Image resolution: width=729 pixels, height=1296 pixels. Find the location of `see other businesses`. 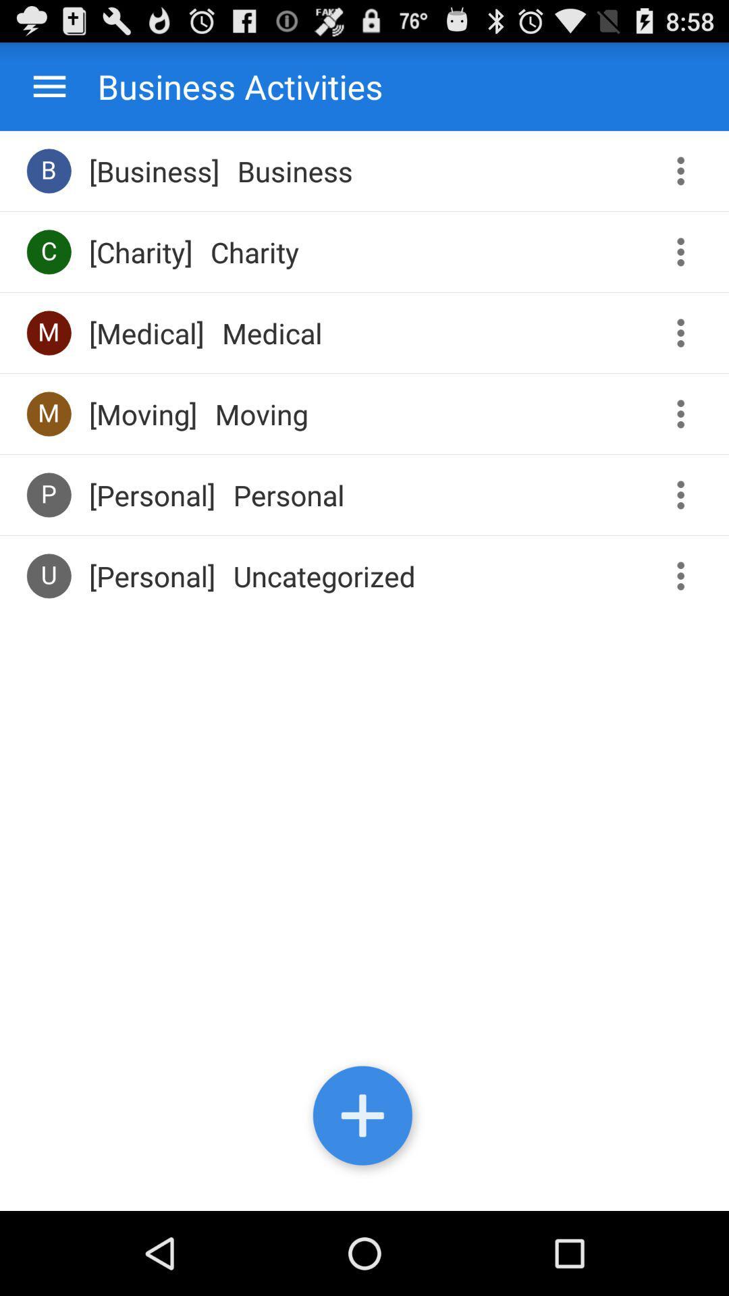

see other businesses is located at coordinates (685, 170).